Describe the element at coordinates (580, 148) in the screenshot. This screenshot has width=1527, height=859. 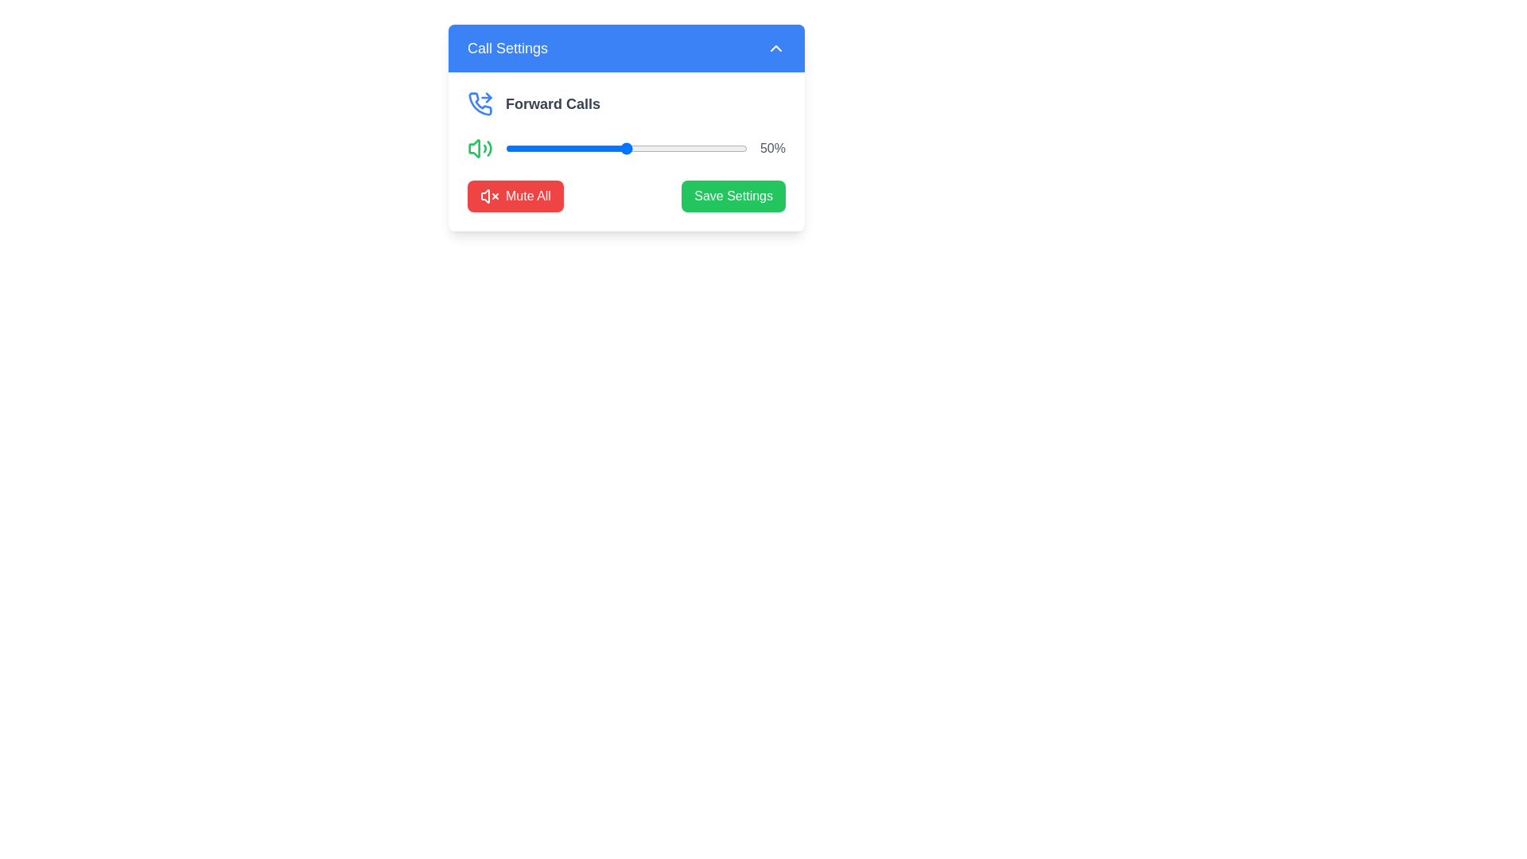
I see `the volume slider` at that location.